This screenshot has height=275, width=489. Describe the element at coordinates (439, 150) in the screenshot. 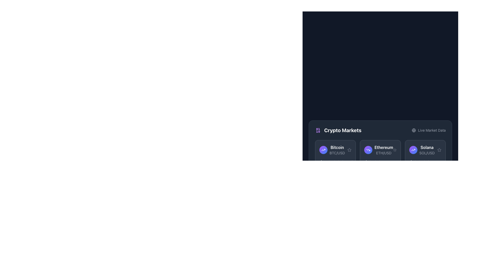

I see `the Favorite toggle icon (star-shaped SVG) located in the 'Solana SOL/USD' section, which shifts from gray to yellow upon interaction` at that location.